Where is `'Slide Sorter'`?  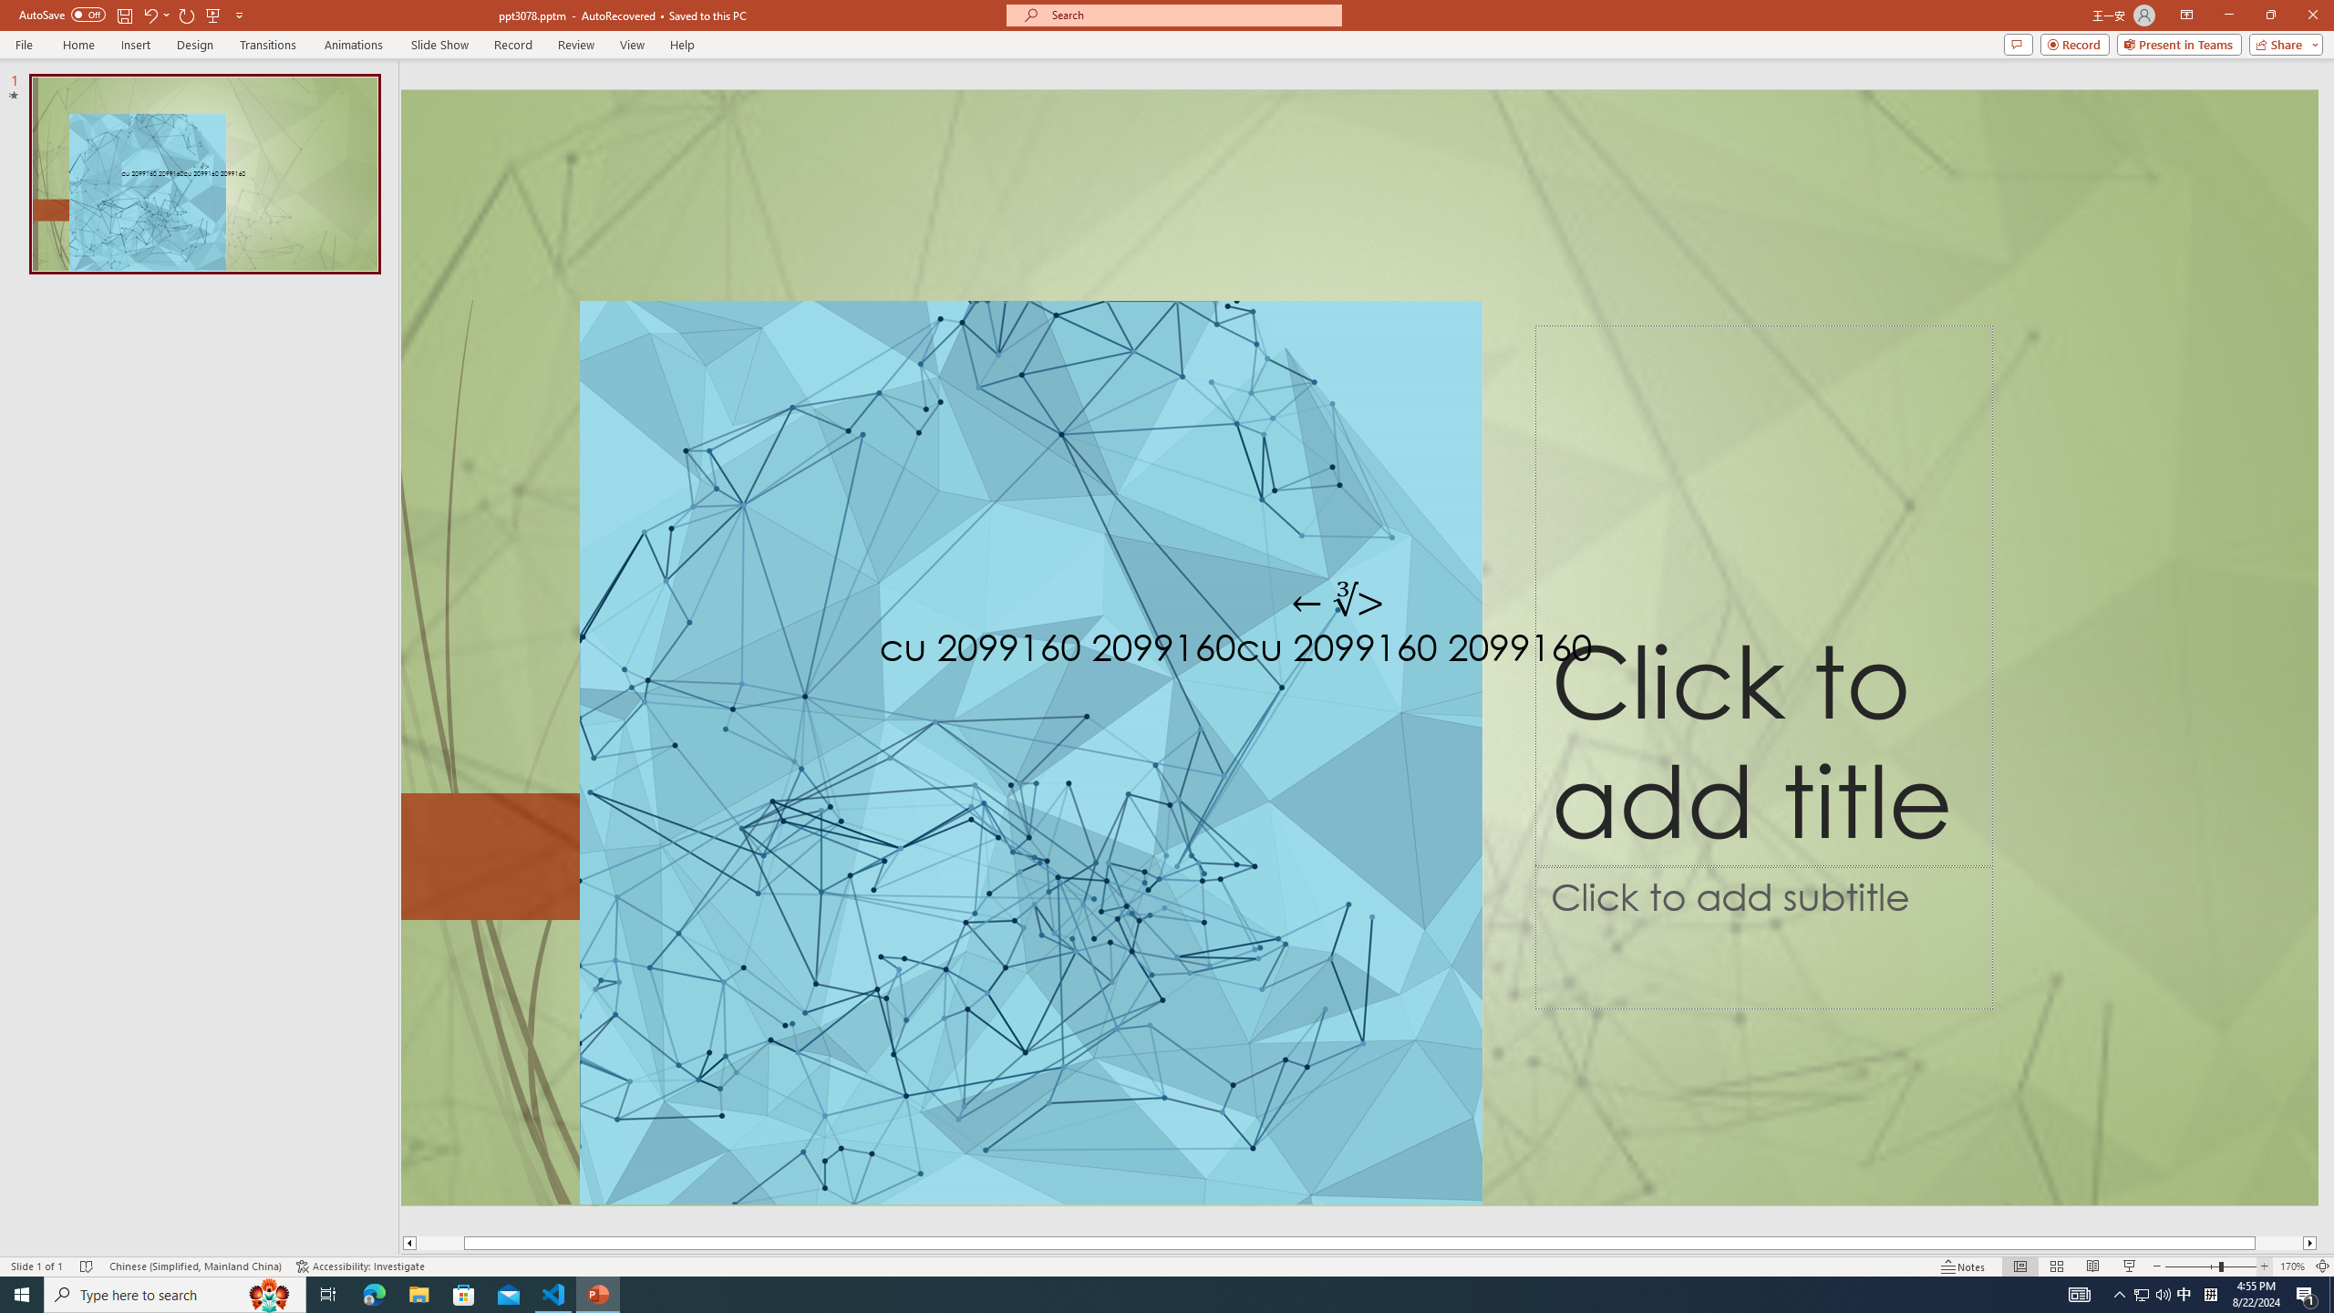 'Slide Sorter' is located at coordinates (2055, 1266).